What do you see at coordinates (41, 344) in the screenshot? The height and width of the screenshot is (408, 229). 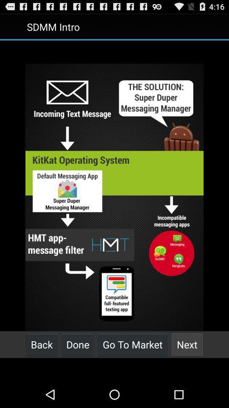 I see `the back item` at bounding box center [41, 344].